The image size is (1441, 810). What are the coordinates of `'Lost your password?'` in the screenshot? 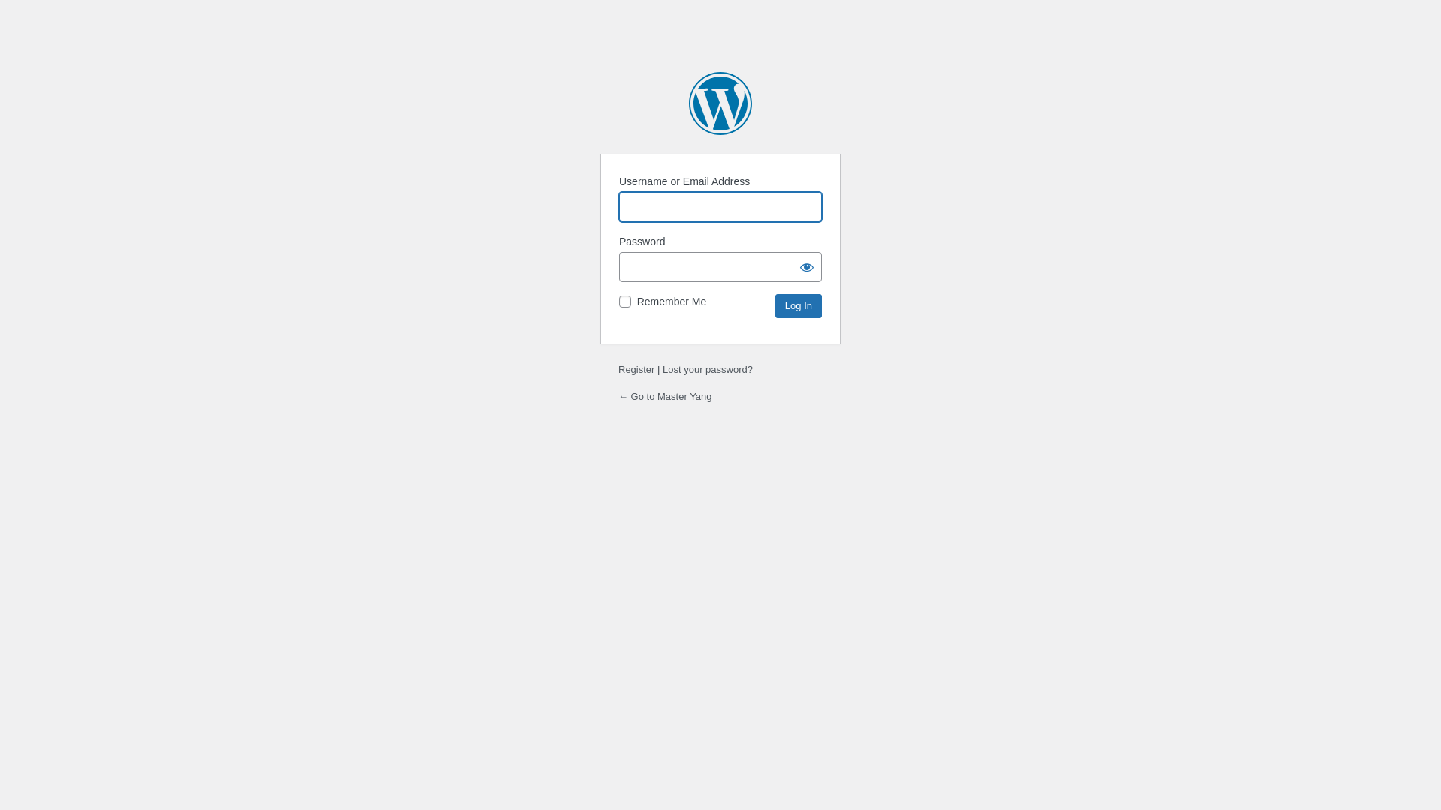 It's located at (706, 369).